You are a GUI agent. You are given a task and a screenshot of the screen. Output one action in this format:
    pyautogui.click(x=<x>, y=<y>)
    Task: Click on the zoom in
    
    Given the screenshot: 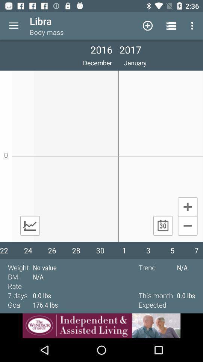 What is the action you would take?
    pyautogui.click(x=187, y=206)
    